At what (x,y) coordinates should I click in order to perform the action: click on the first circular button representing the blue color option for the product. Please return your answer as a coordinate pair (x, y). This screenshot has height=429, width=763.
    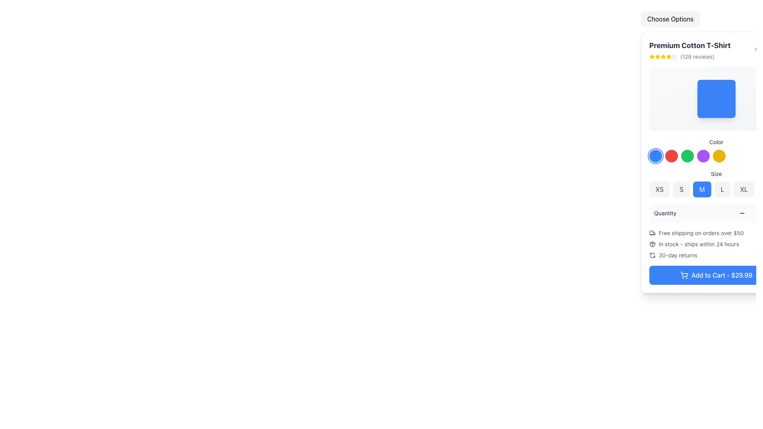
    Looking at the image, I should click on (655, 156).